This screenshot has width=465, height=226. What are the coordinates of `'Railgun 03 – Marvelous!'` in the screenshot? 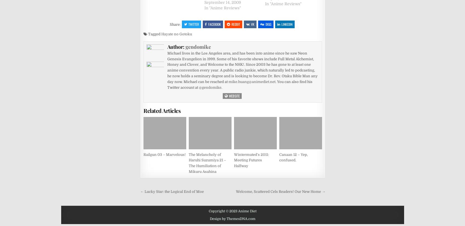 It's located at (164, 154).